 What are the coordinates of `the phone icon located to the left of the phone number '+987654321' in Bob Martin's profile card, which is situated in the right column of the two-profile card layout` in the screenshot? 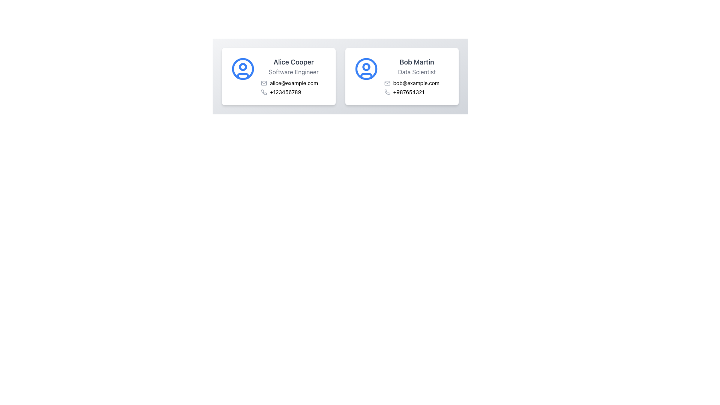 It's located at (387, 92).